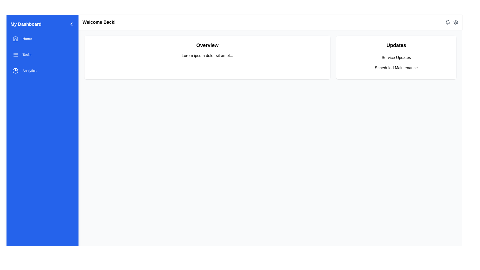  What do you see at coordinates (42, 55) in the screenshot?
I see `the 'Tasks' menu item in the sidebar` at bounding box center [42, 55].